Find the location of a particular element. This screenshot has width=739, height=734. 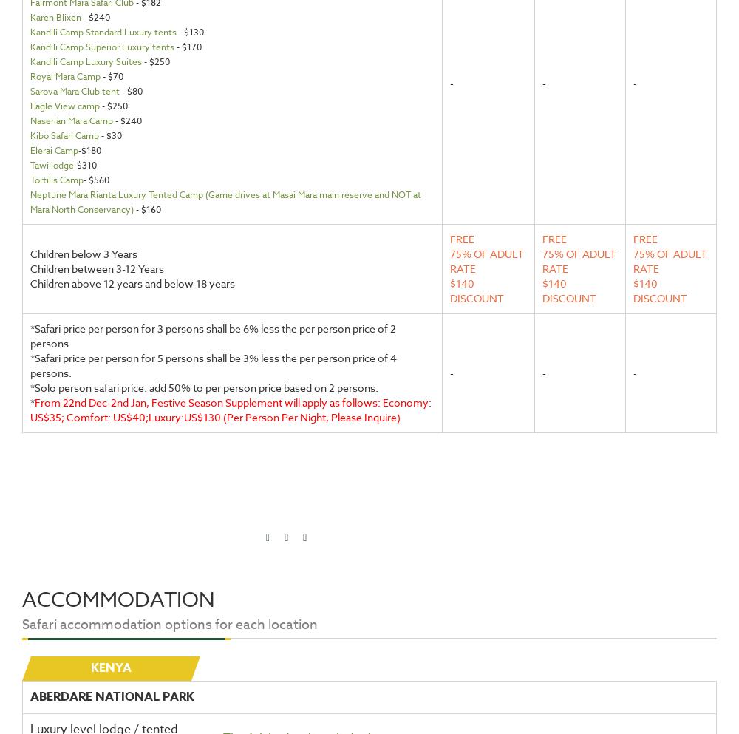

'Kandili Camp Standard Luxury tents' is located at coordinates (103, 32).